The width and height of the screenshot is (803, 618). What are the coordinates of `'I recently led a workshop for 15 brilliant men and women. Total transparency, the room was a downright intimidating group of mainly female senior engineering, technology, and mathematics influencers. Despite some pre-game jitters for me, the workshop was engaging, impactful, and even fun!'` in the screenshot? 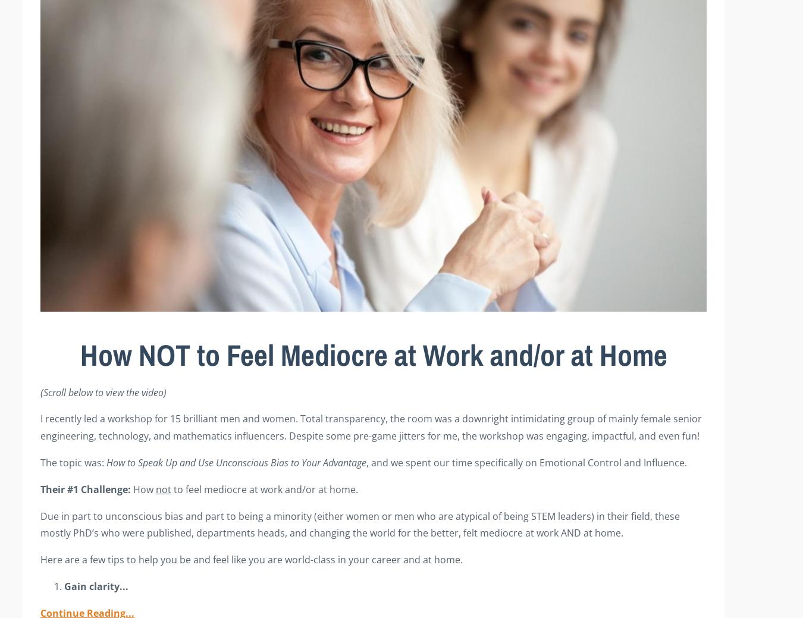 It's located at (371, 426).